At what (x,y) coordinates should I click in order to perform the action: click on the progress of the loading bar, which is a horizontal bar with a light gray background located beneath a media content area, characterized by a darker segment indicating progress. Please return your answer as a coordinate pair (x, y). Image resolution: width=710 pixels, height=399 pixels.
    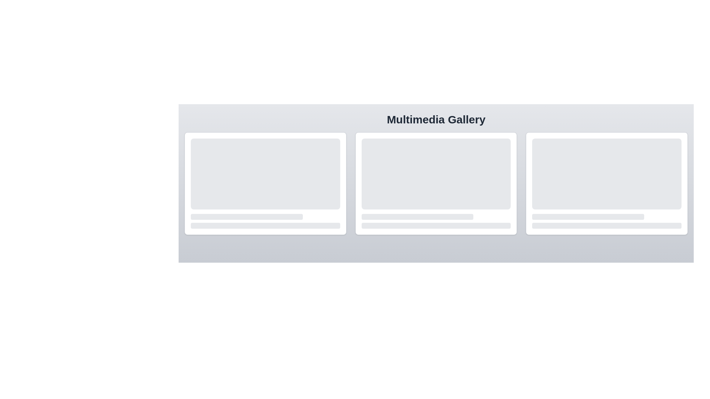
    Looking at the image, I should click on (265, 216).